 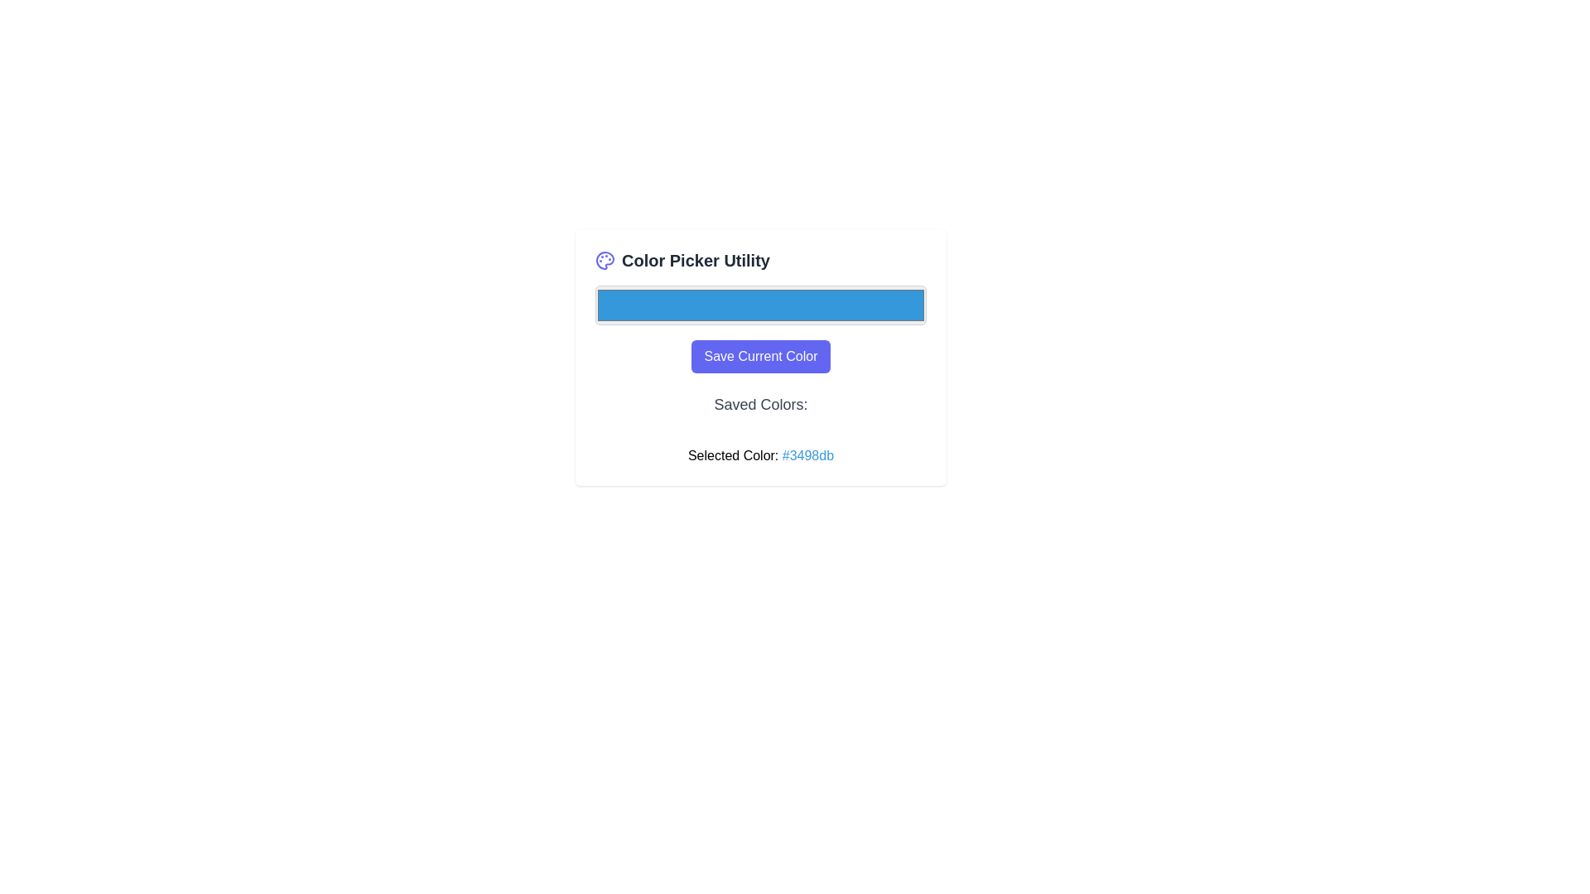 I want to click on the header or label text that indicates saved color options, located between the 'Save Current Color' button and the 'Selected Color: #3498db' label, so click(x=759, y=409).